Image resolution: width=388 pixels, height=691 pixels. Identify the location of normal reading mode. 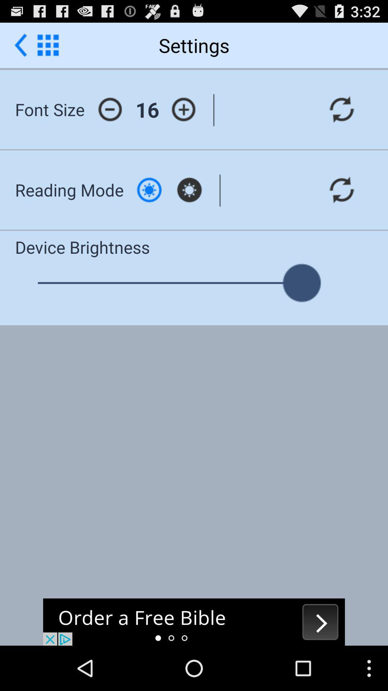
(149, 190).